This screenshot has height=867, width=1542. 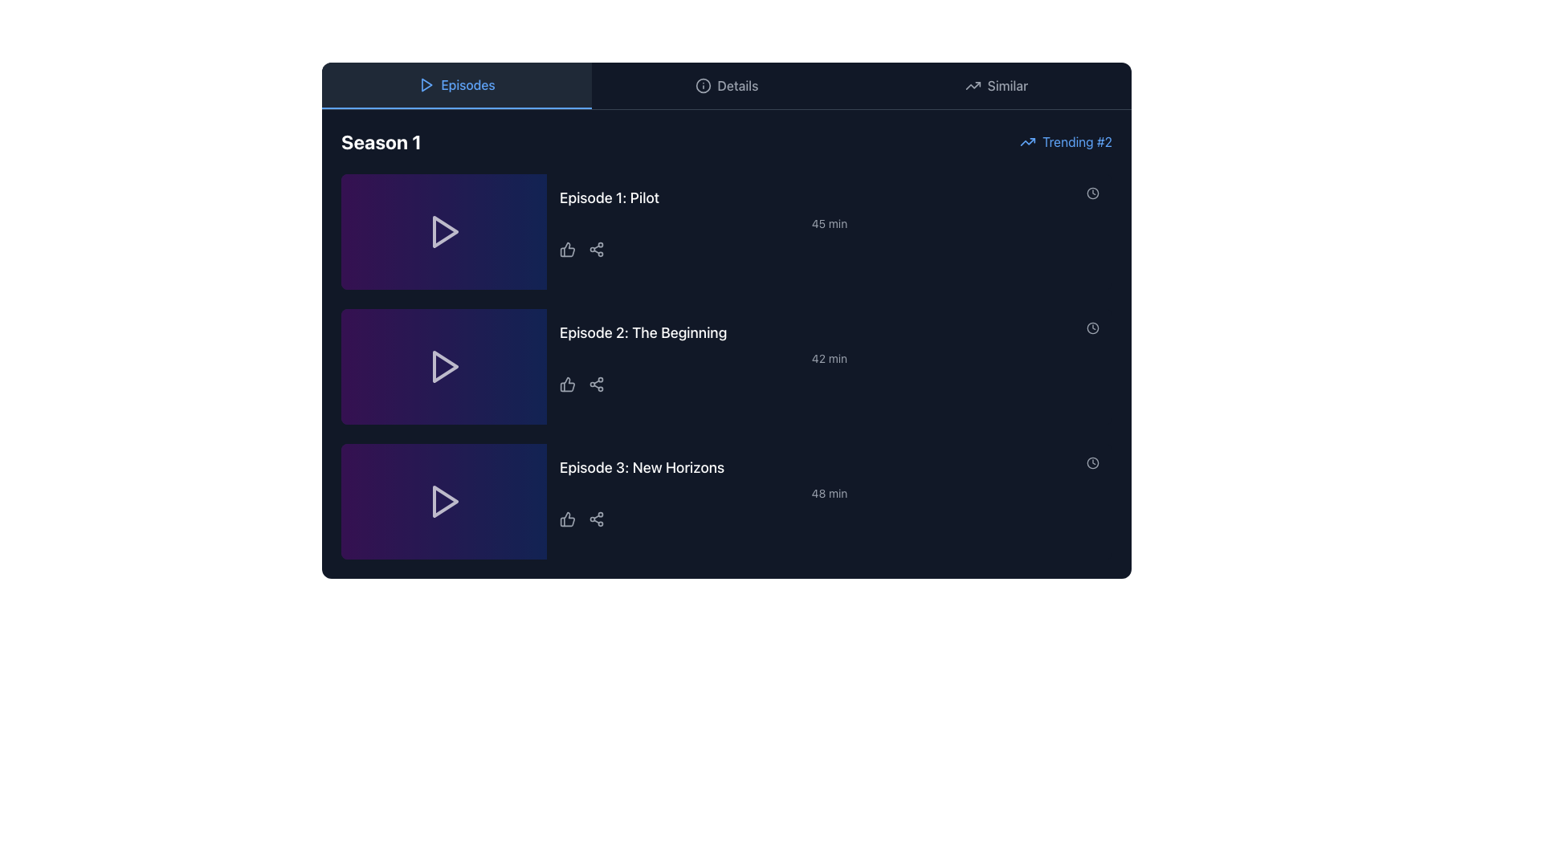 What do you see at coordinates (1006, 86) in the screenshot?
I see `the 'Similar' label located in the header section, to the right of the 'Details' tab and adjacent to a trending arrow icon` at bounding box center [1006, 86].